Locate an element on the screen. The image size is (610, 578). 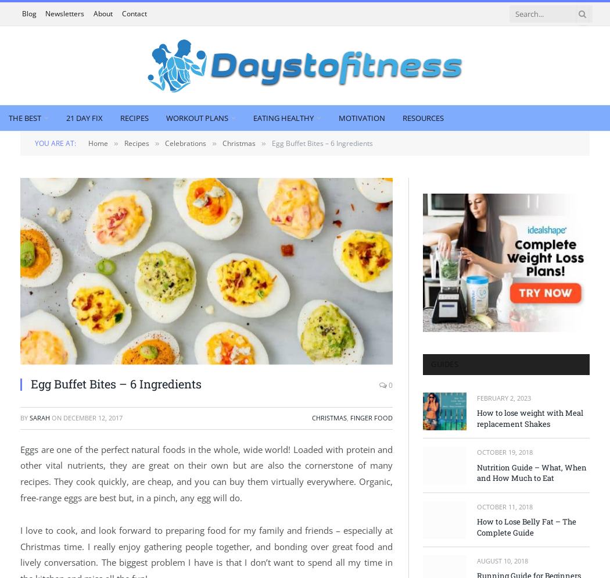
'Motivation' is located at coordinates (338, 116).